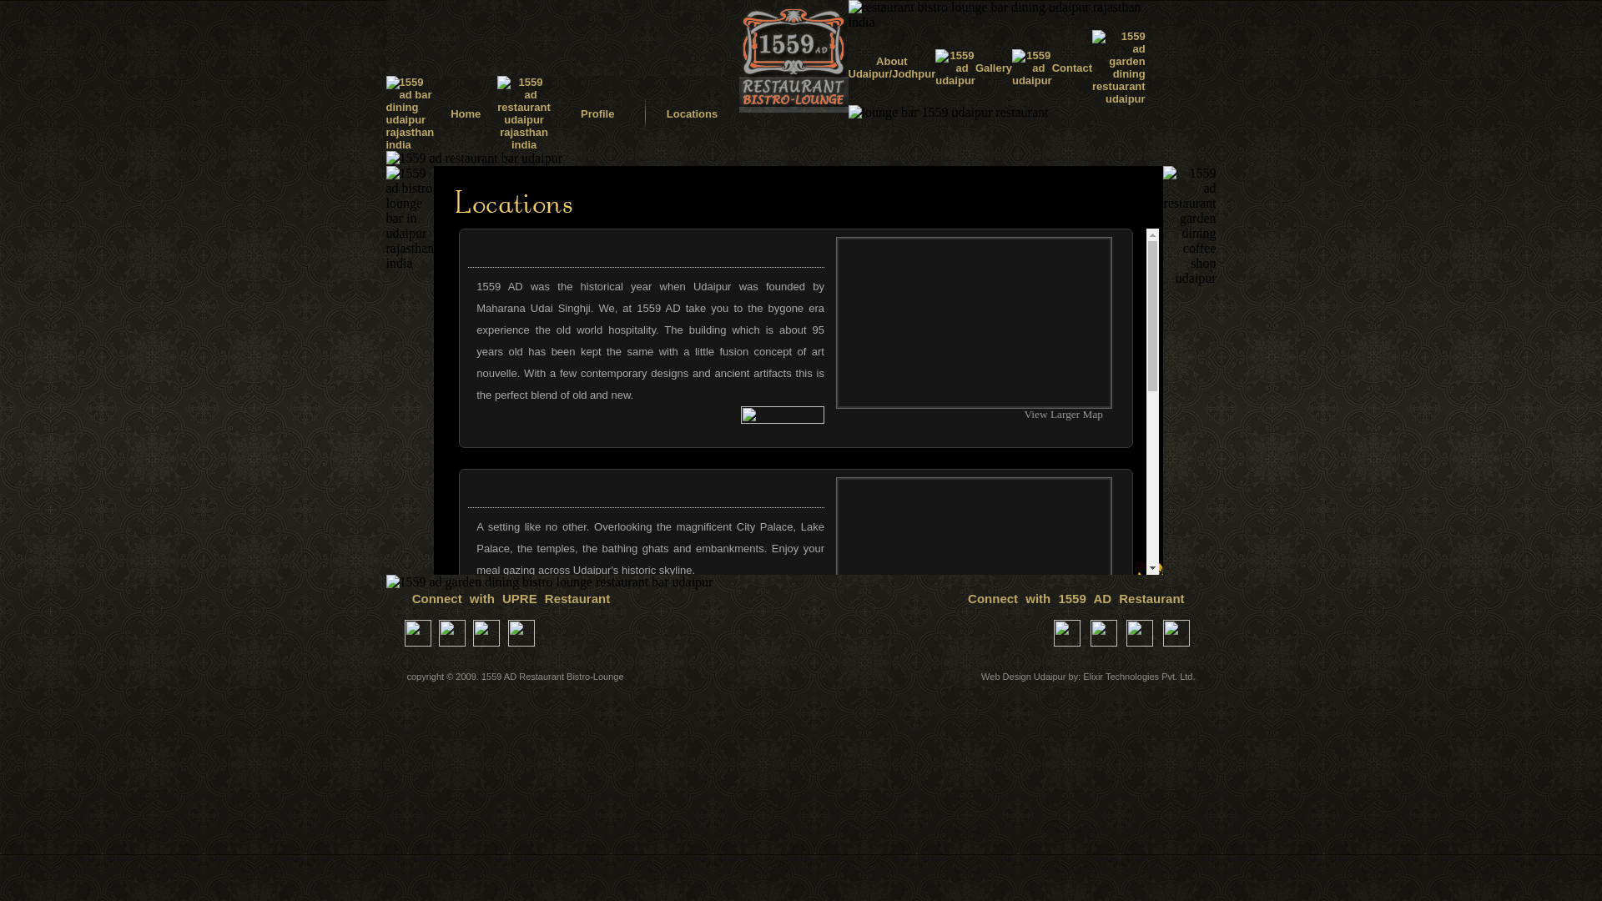 This screenshot has height=901, width=1602. Describe the element at coordinates (409, 218) in the screenshot. I see `'1559 ad bistro lounge bar in udaipur rajasthan india'` at that location.